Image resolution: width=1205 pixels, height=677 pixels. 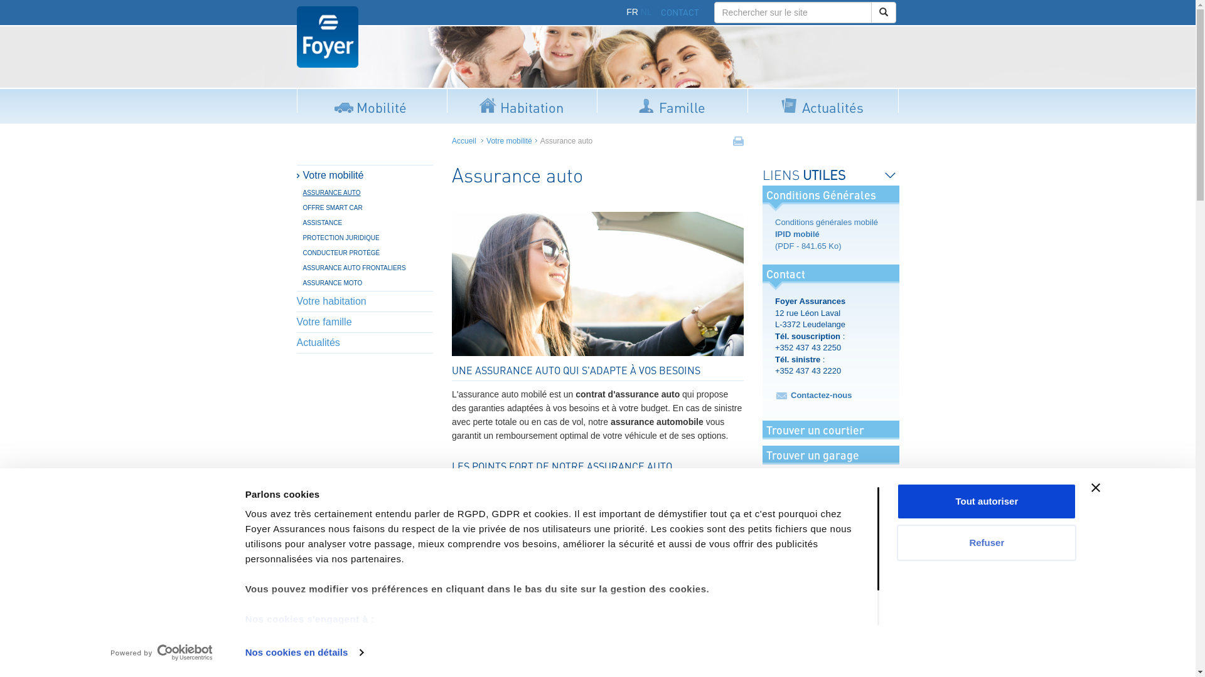 What do you see at coordinates (302, 283) in the screenshot?
I see `'ASSURANCE MOTO'` at bounding box center [302, 283].